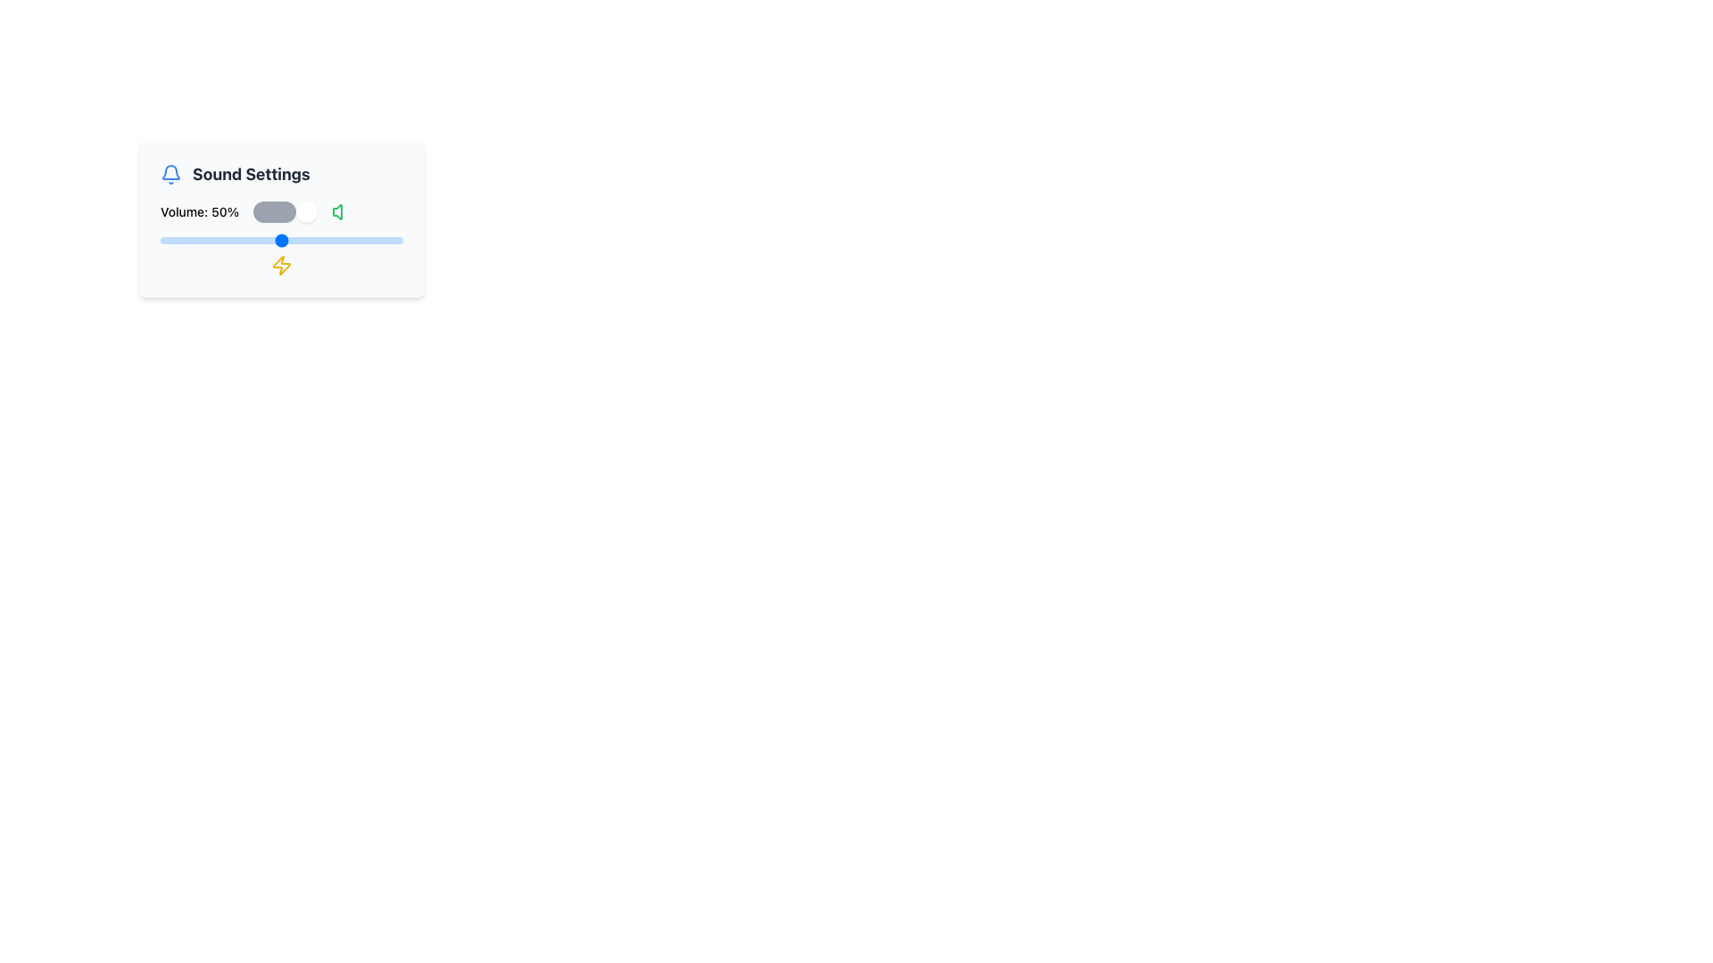  What do you see at coordinates (235, 241) in the screenshot?
I see `the volume` at bounding box center [235, 241].